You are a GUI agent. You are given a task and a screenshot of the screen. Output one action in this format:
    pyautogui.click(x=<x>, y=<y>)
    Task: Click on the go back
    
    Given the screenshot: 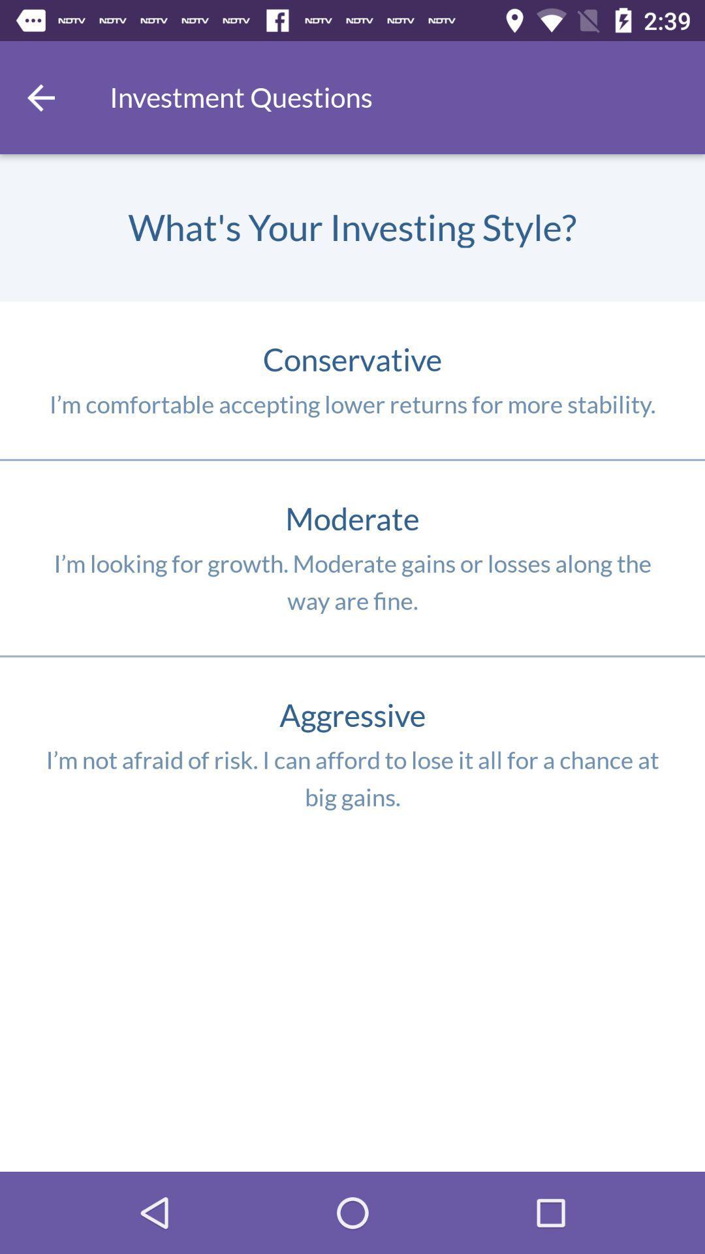 What is the action you would take?
    pyautogui.click(x=40, y=97)
    